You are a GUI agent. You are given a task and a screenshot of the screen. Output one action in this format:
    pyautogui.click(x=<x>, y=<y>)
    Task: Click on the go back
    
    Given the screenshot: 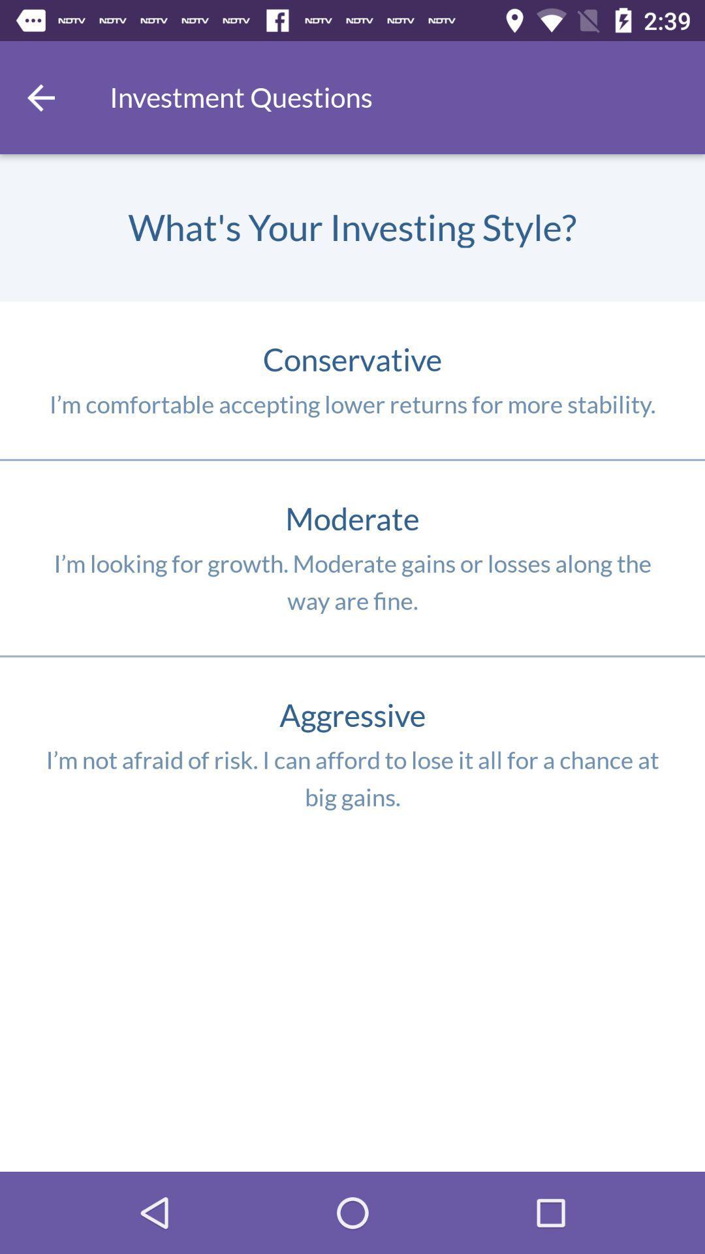 What is the action you would take?
    pyautogui.click(x=40, y=97)
    